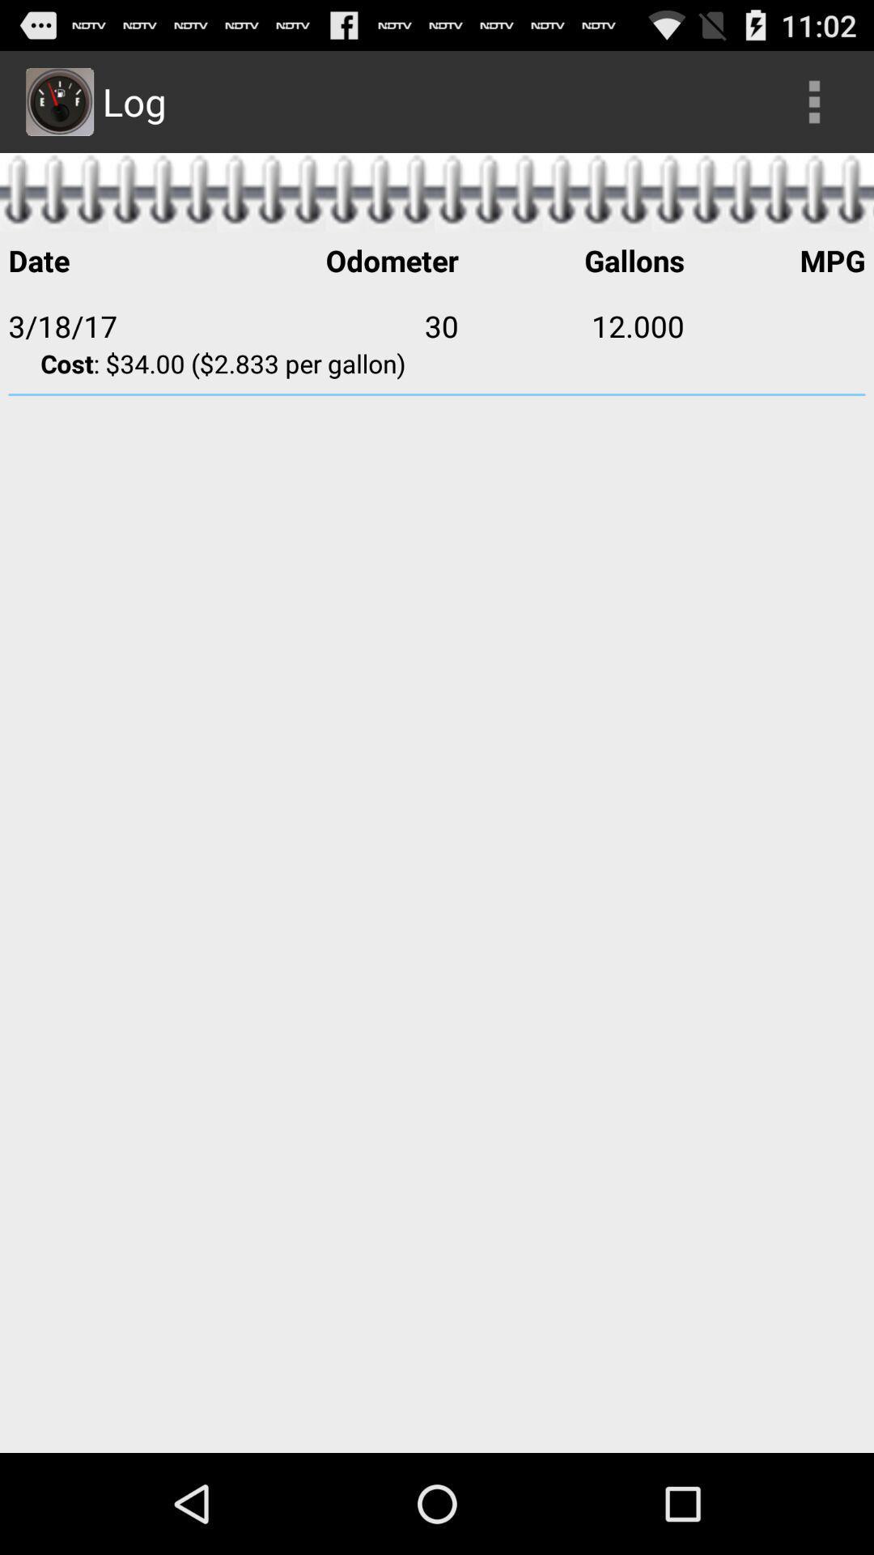 This screenshot has width=874, height=1555. I want to click on app below 3/18/17, so click(437, 362).